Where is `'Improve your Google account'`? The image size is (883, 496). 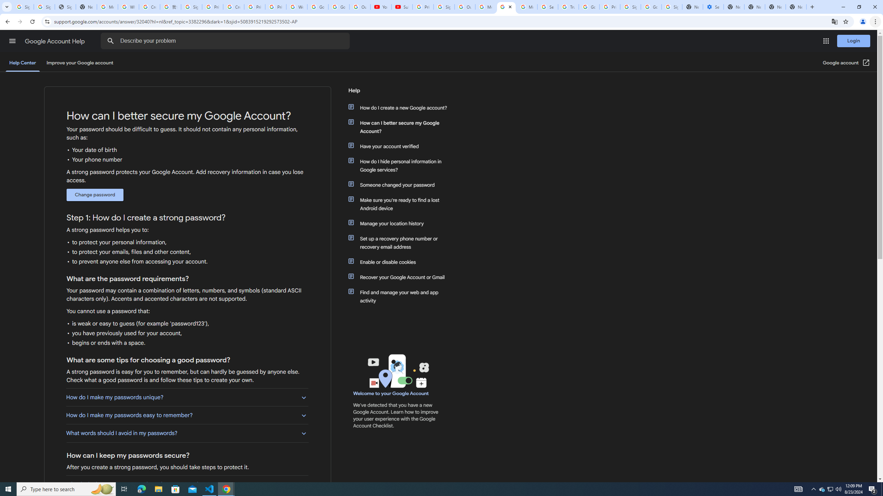
'Improve your Google account' is located at coordinates (80, 62).